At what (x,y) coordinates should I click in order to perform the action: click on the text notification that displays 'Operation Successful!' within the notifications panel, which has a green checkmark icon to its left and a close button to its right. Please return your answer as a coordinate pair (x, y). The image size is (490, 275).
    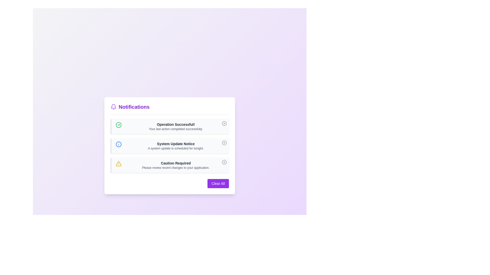
    Looking at the image, I should click on (176, 126).